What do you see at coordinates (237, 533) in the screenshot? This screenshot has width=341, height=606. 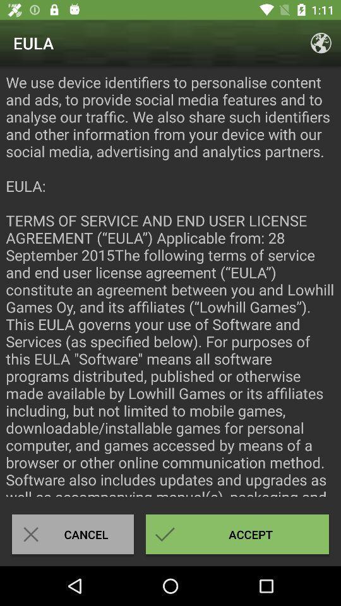 I see `the item below we use device item` at bounding box center [237, 533].